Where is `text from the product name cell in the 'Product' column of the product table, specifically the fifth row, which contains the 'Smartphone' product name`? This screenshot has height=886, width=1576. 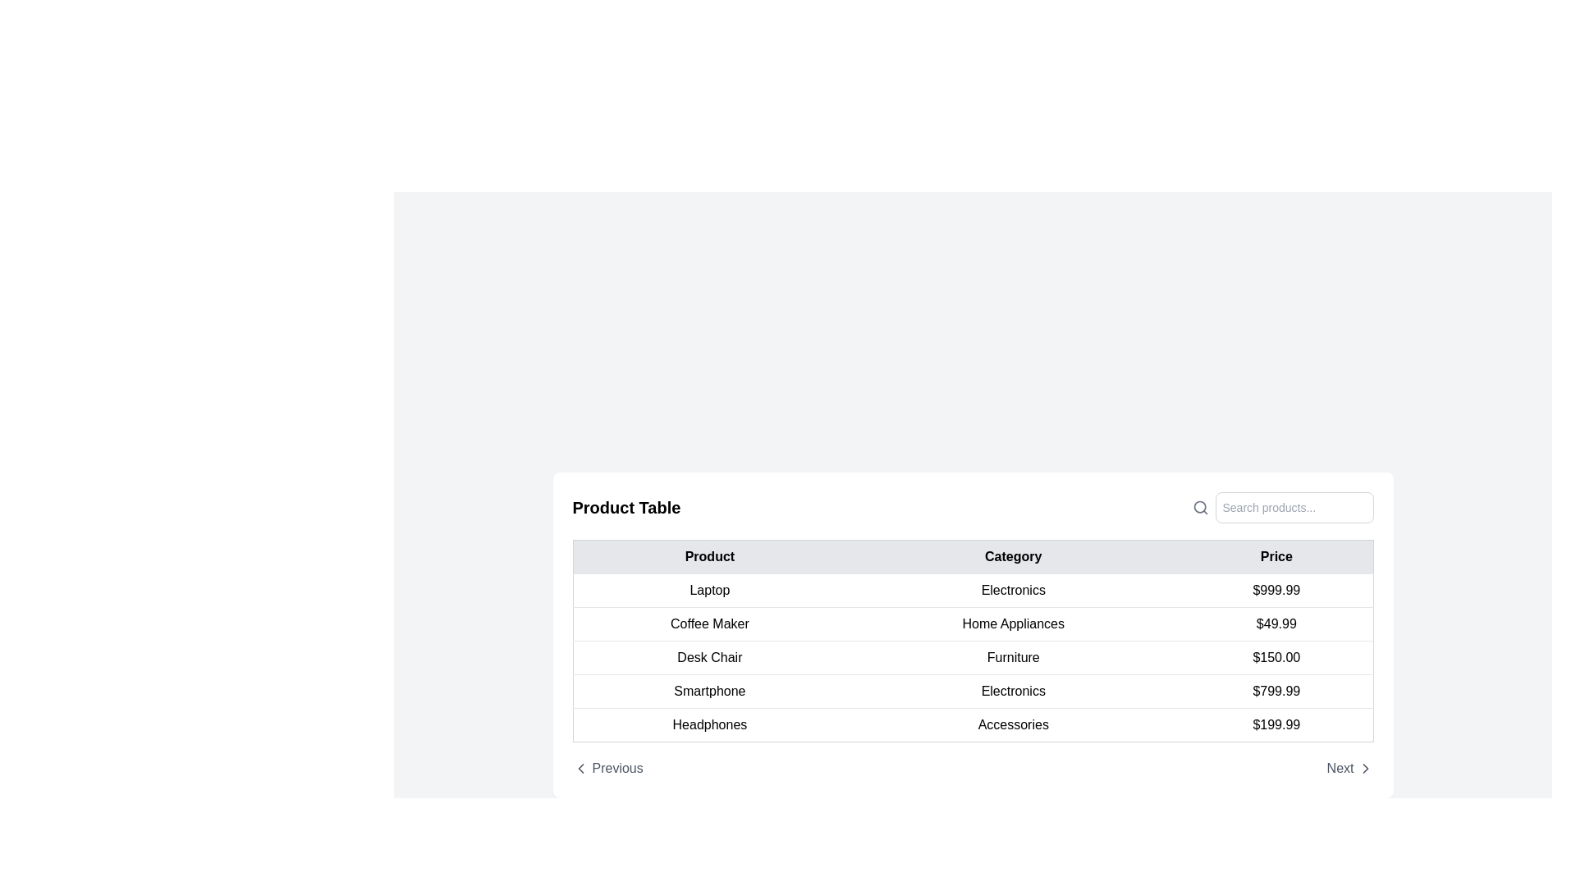 text from the product name cell in the 'Product' column of the product table, specifically the fifth row, which contains the 'Smartphone' product name is located at coordinates (709, 691).